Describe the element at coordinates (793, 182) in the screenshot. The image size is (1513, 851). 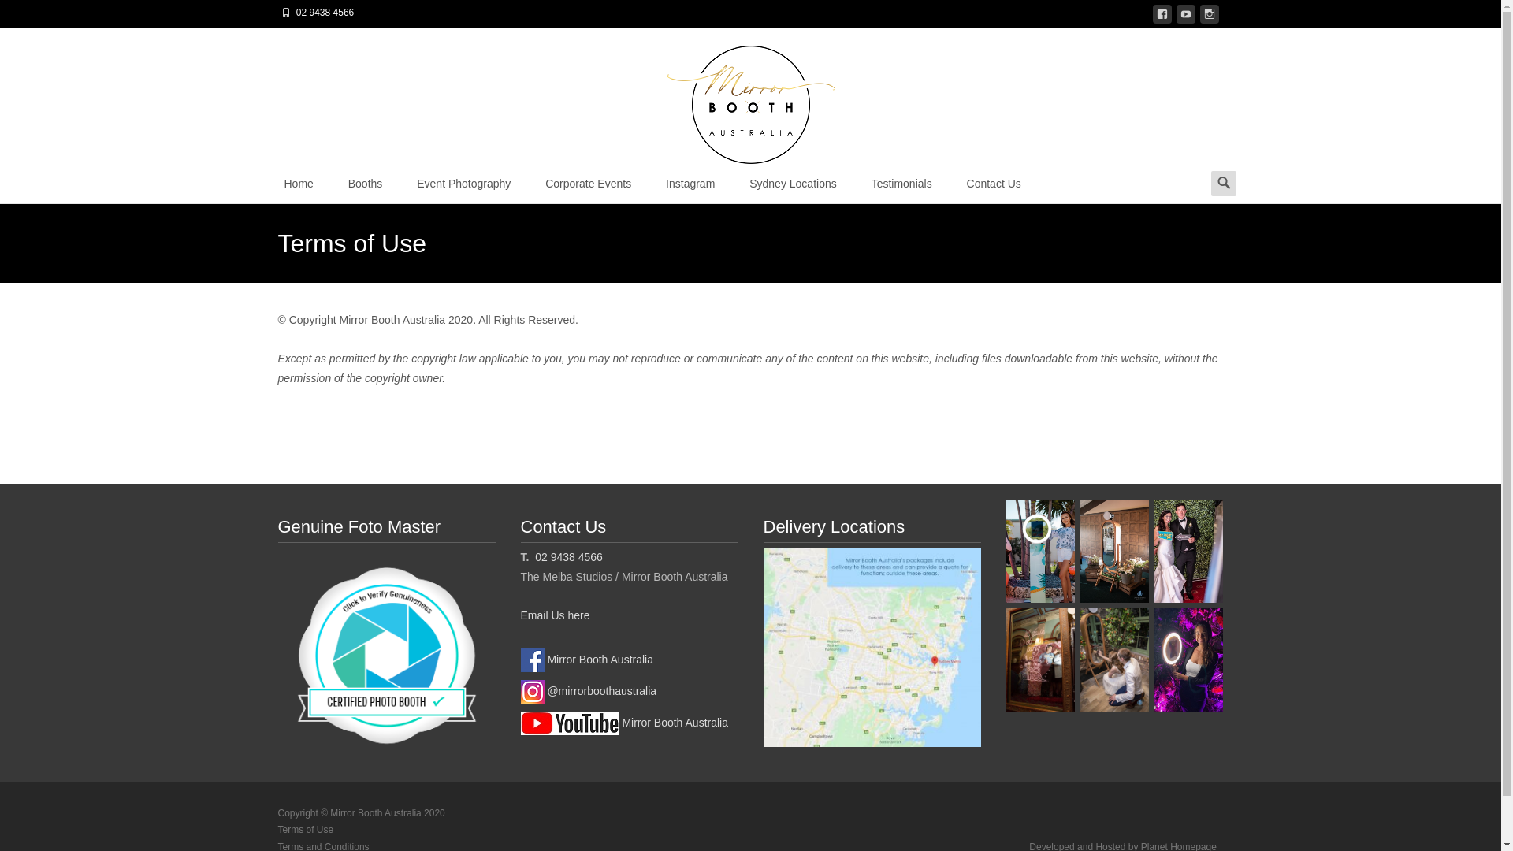
I see `'Sydney Locations'` at that location.